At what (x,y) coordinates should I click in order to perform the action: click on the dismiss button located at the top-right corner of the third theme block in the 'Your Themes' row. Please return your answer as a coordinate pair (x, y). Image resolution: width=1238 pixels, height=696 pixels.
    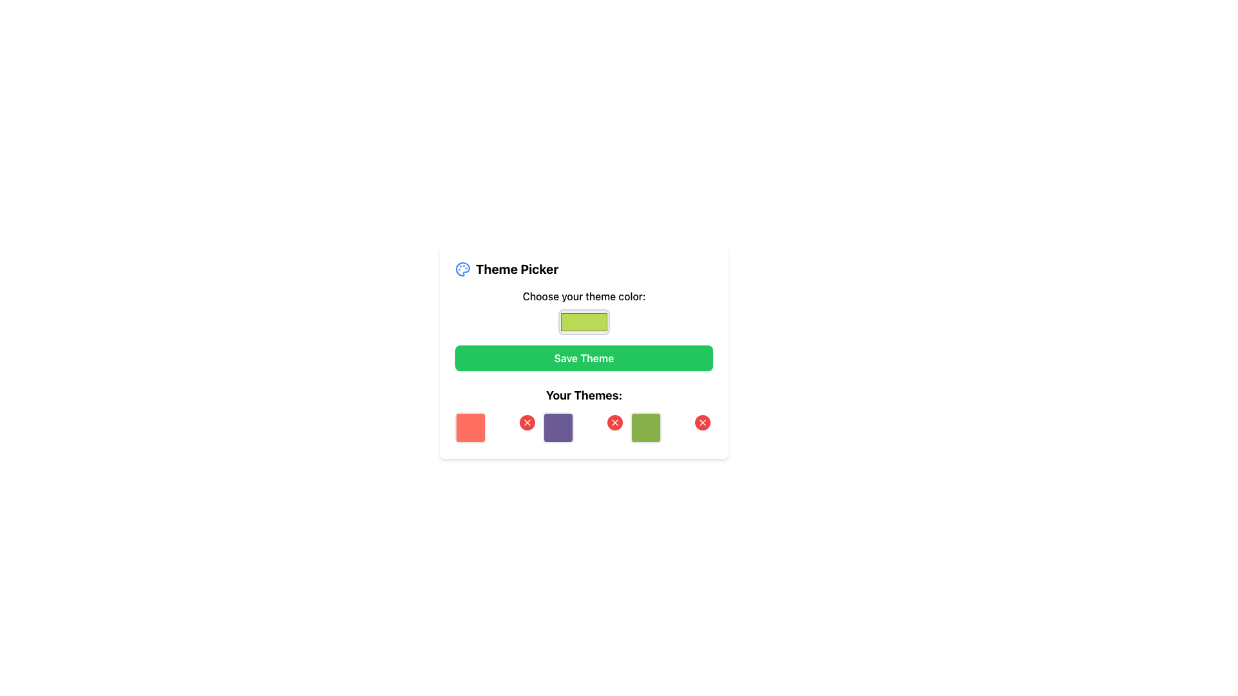
    Looking at the image, I should click on (614, 422).